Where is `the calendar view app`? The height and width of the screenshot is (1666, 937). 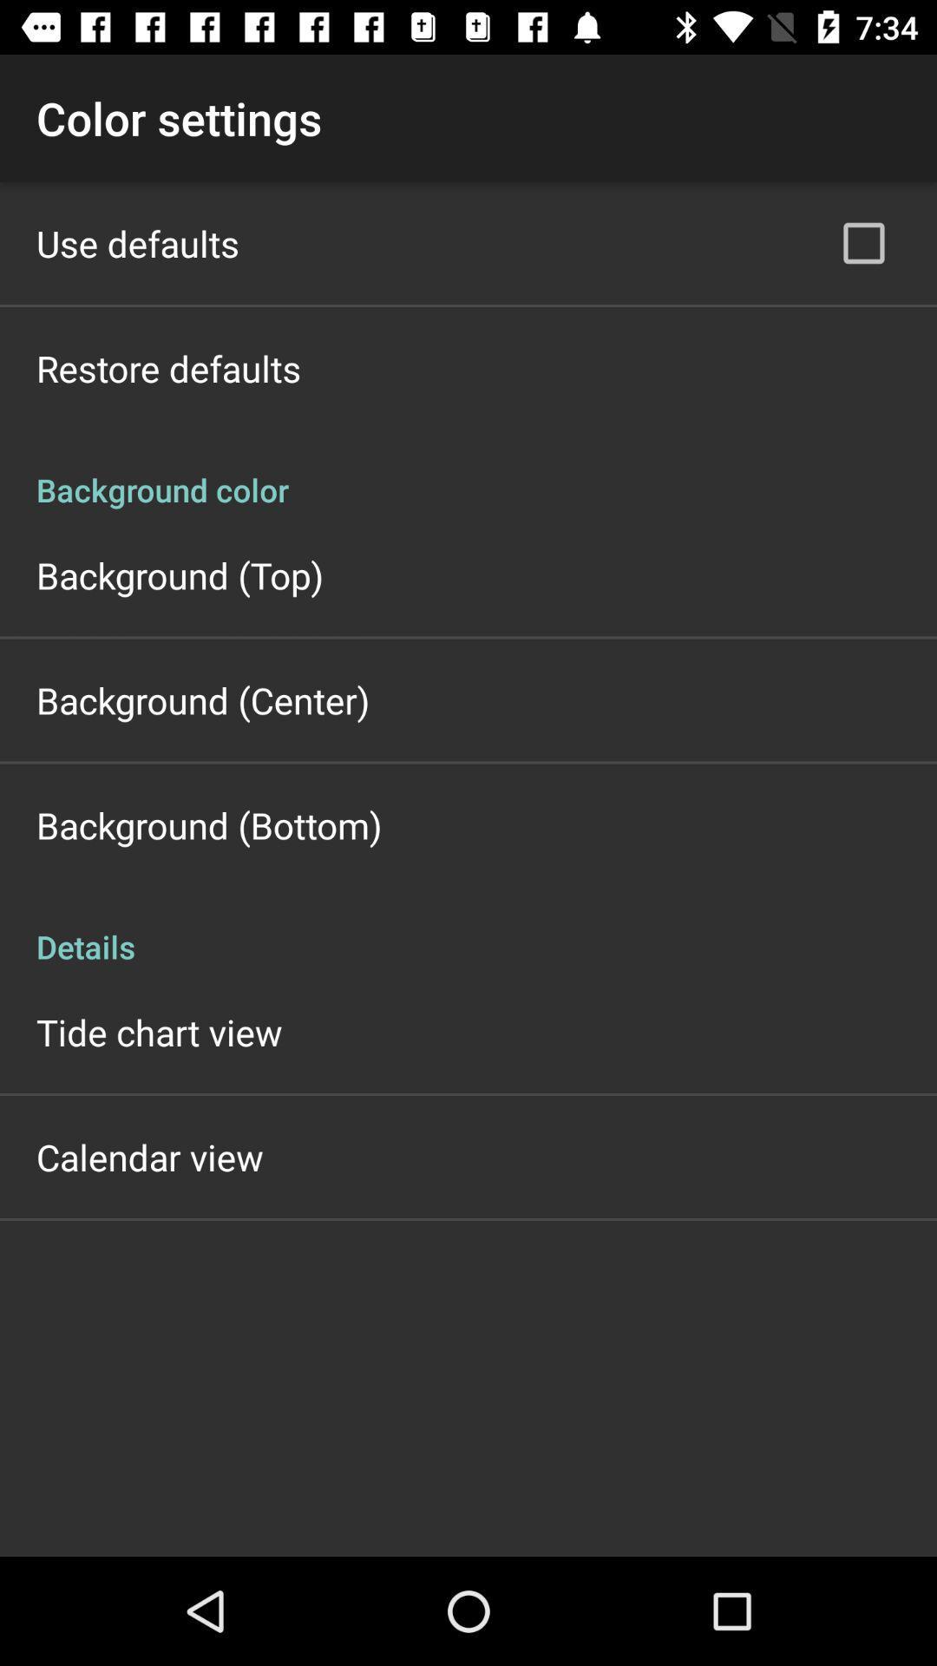 the calendar view app is located at coordinates (148, 1157).